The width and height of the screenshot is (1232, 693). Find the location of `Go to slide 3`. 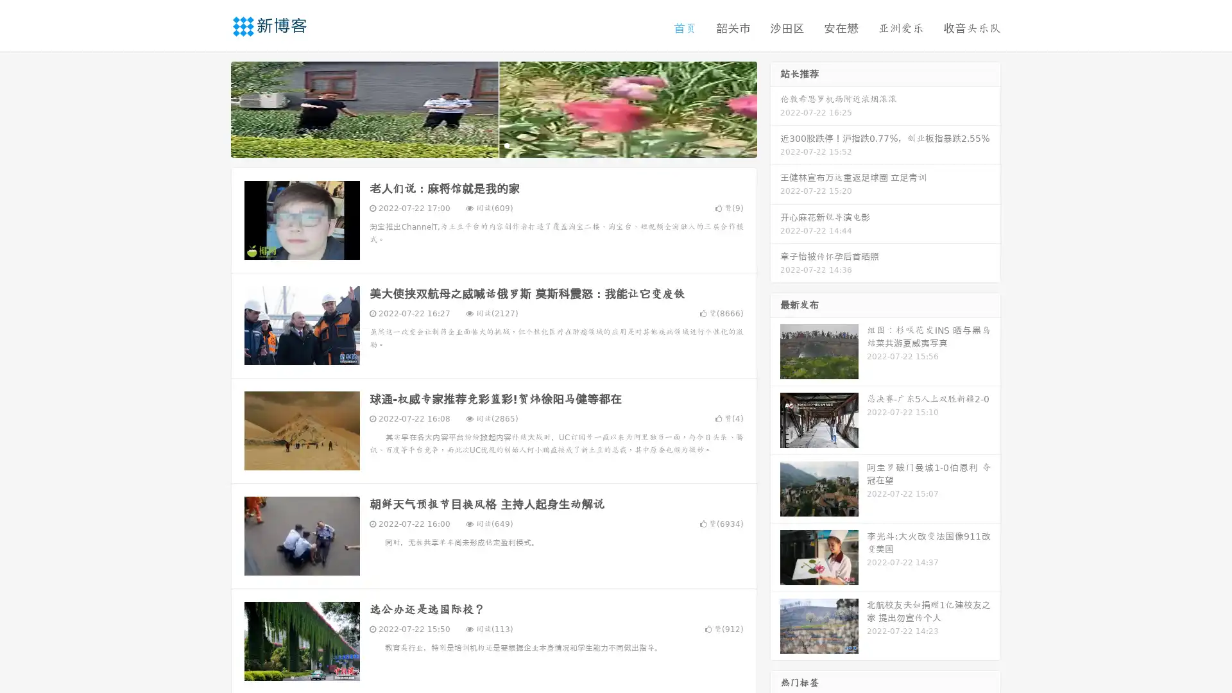

Go to slide 3 is located at coordinates (506, 144).